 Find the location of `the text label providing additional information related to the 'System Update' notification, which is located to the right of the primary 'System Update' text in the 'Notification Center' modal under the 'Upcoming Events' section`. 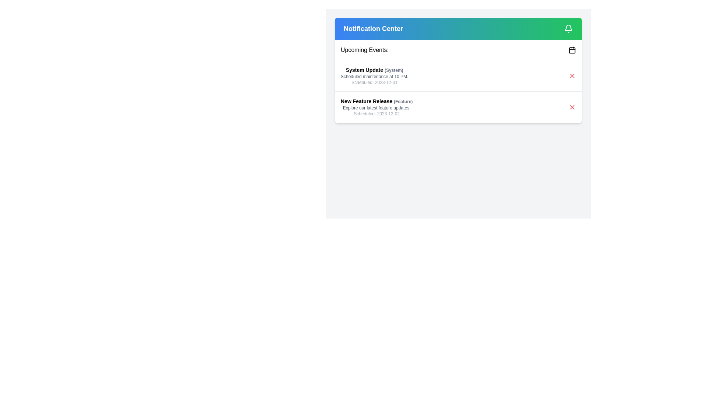

the text label providing additional information related to the 'System Update' notification, which is located to the right of the primary 'System Update' text in the 'Notification Center' modal under the 'Upcoming Events' section is located at coordinates (393, 70).